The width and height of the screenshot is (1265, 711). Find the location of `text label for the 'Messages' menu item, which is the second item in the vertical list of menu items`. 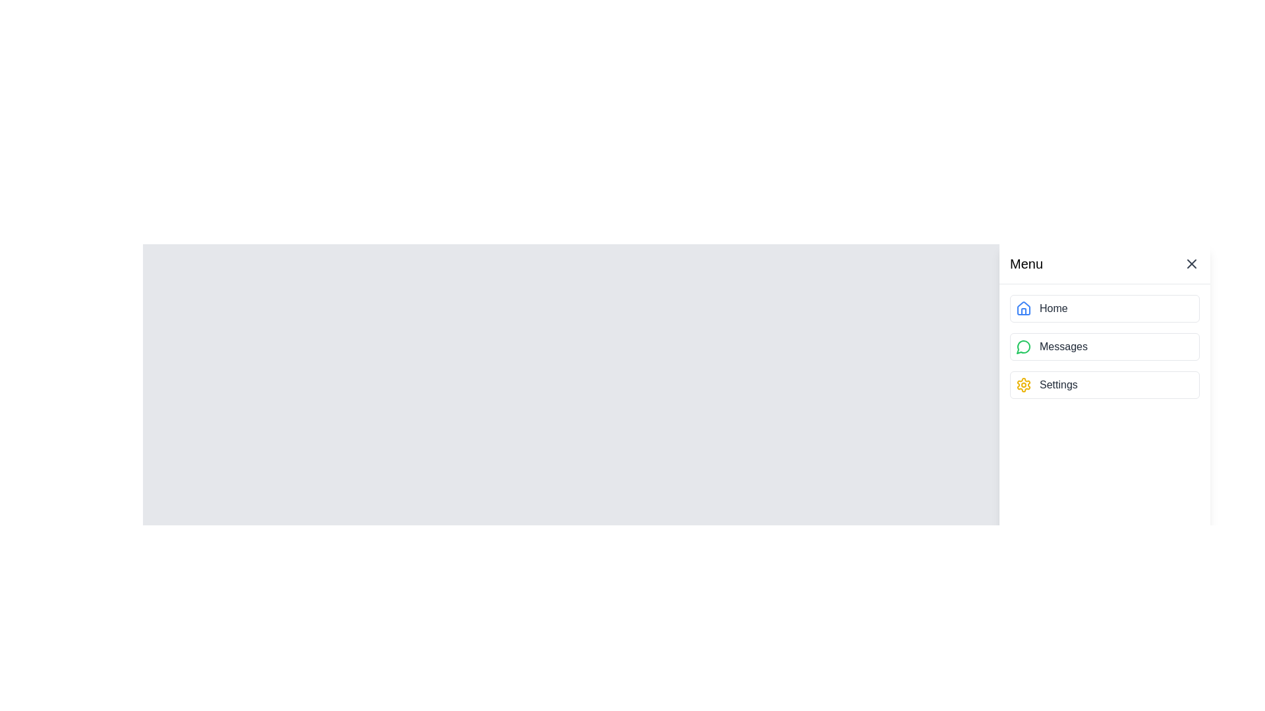

text label for the 'Messages' menu item, which is the second item in the vertical list of menu items is located at coordinates (1063, 346).